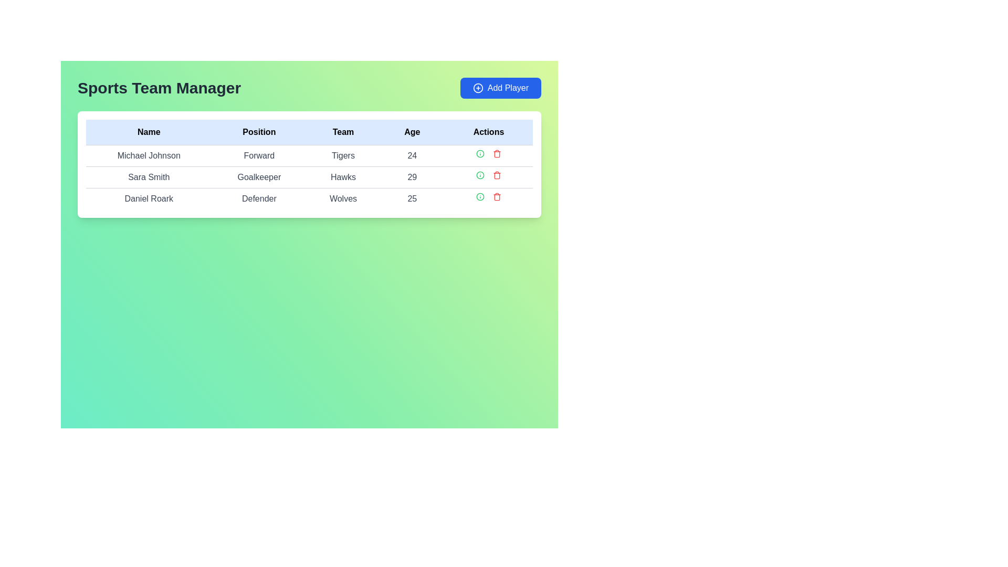 This screenshot has height=567, width=1008. What do you see at coordinates (412, 156) in the screenshot?
I see `the text displaying the number '24' in the 'Age' column of the table row for 'Michael Johnson'` at bounding box center [412, 156].